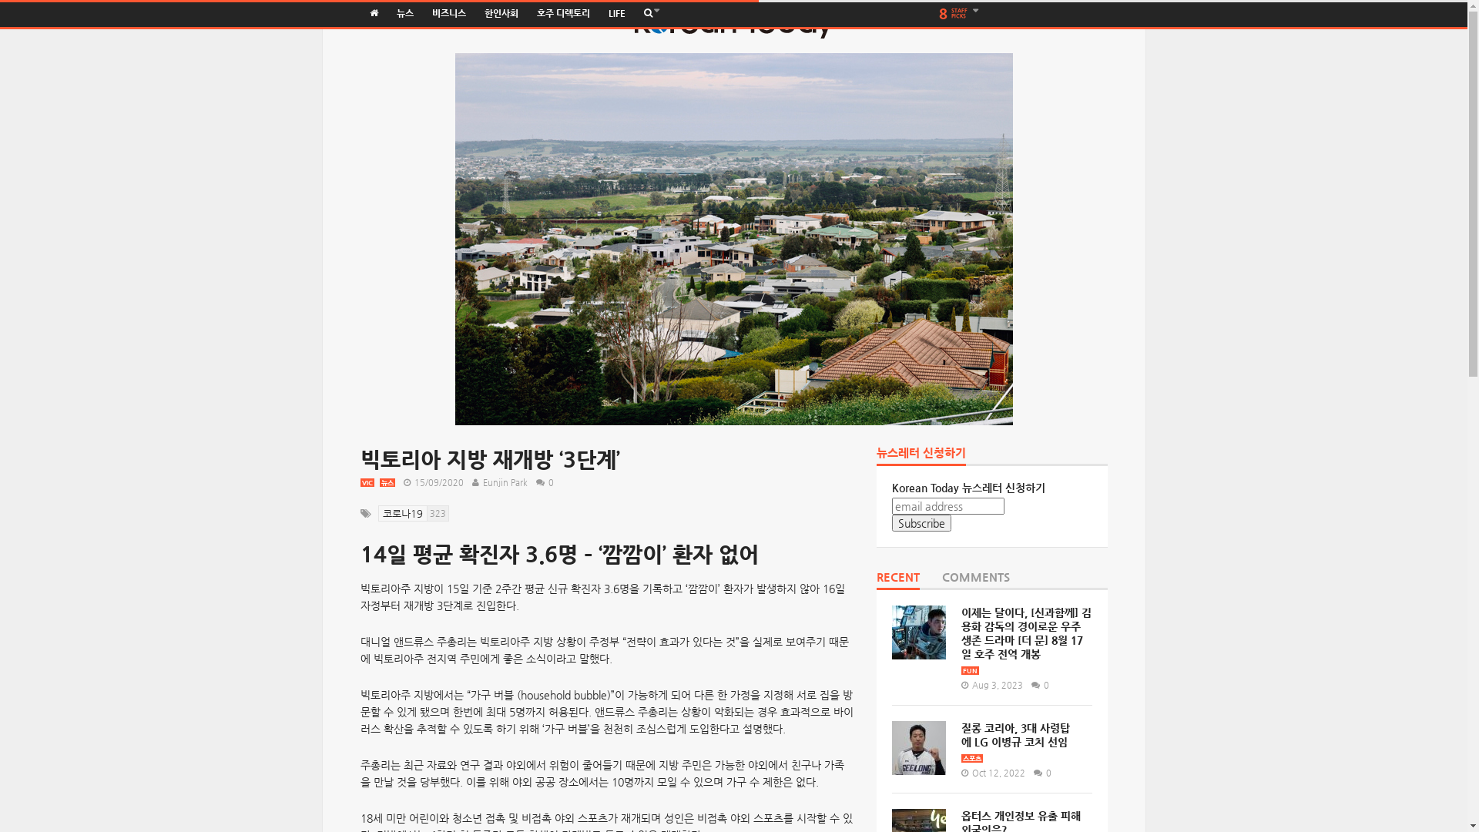 The width and height of the screenshot is (1479, 832). What do you see at coordinates (876, 580) in the screenshot?
I see `'RECENT'` at bounding box center [876, 580].